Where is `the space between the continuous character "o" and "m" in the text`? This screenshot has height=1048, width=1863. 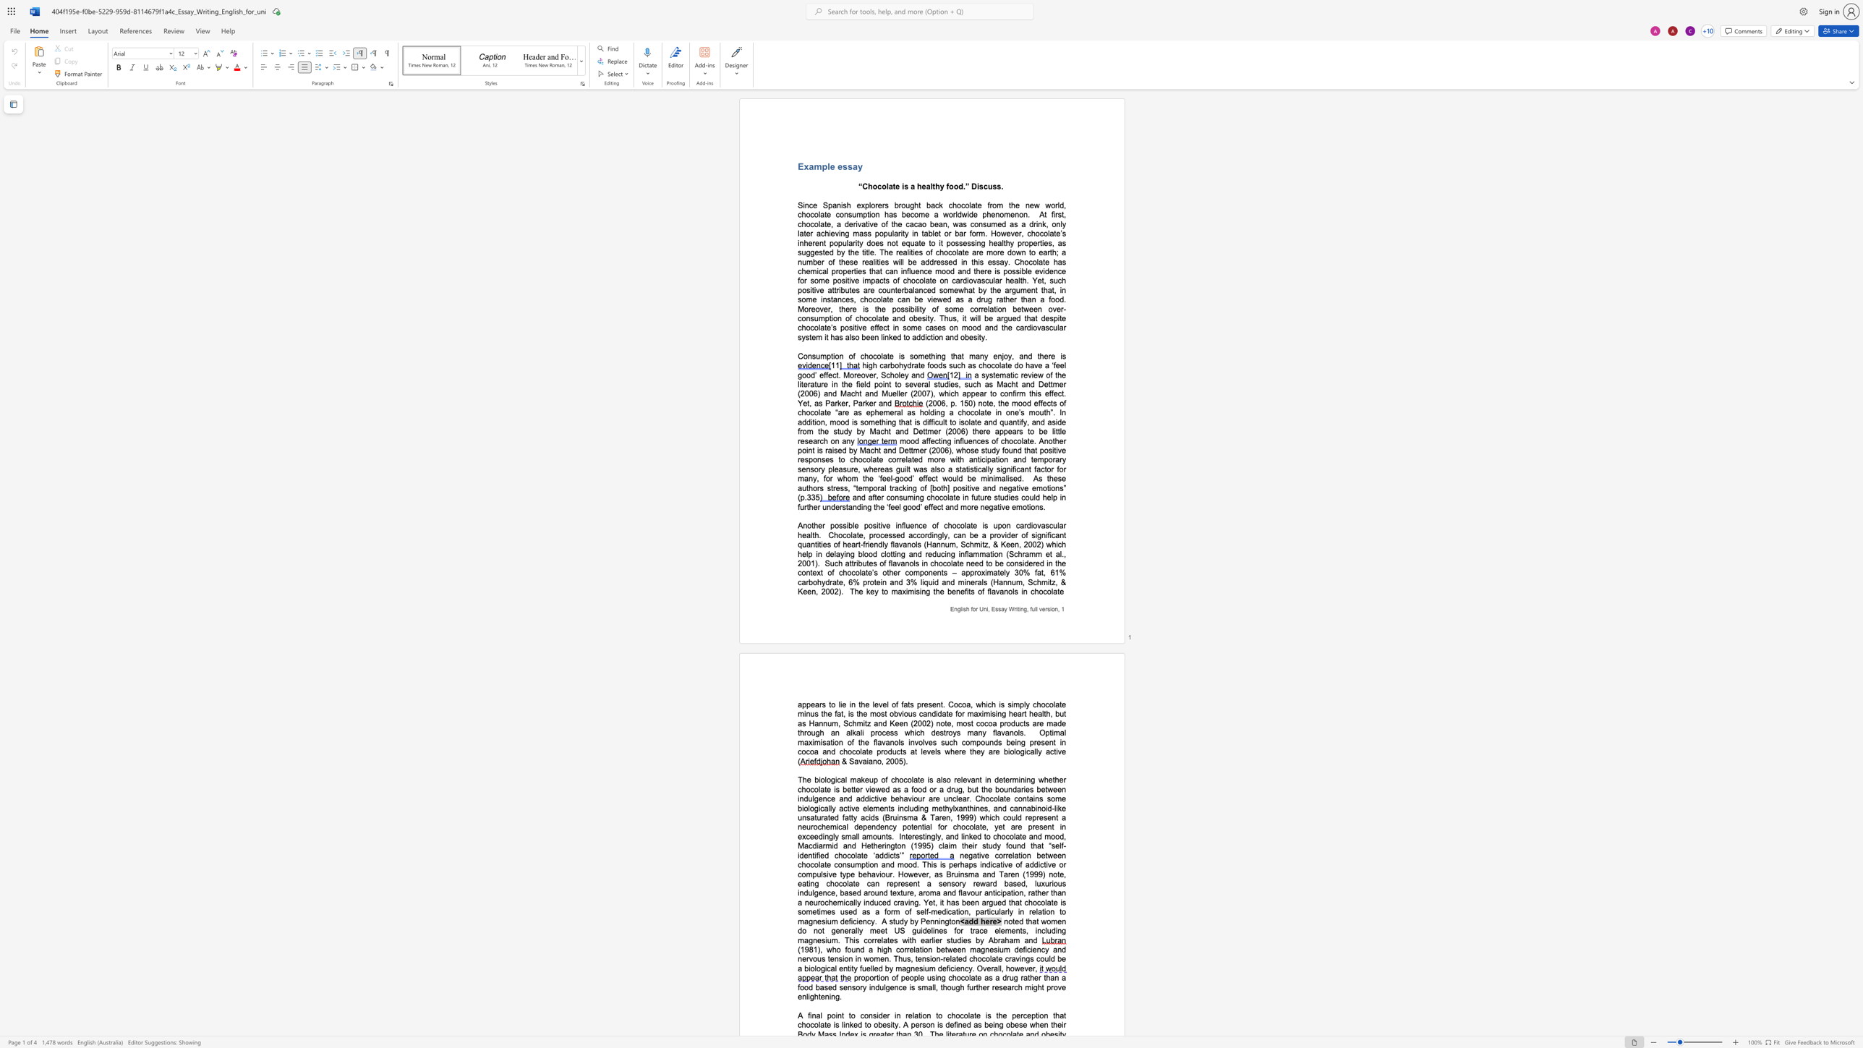
the space between the continuous character "o" and "m" in the text is located at coordinates (948, 289).